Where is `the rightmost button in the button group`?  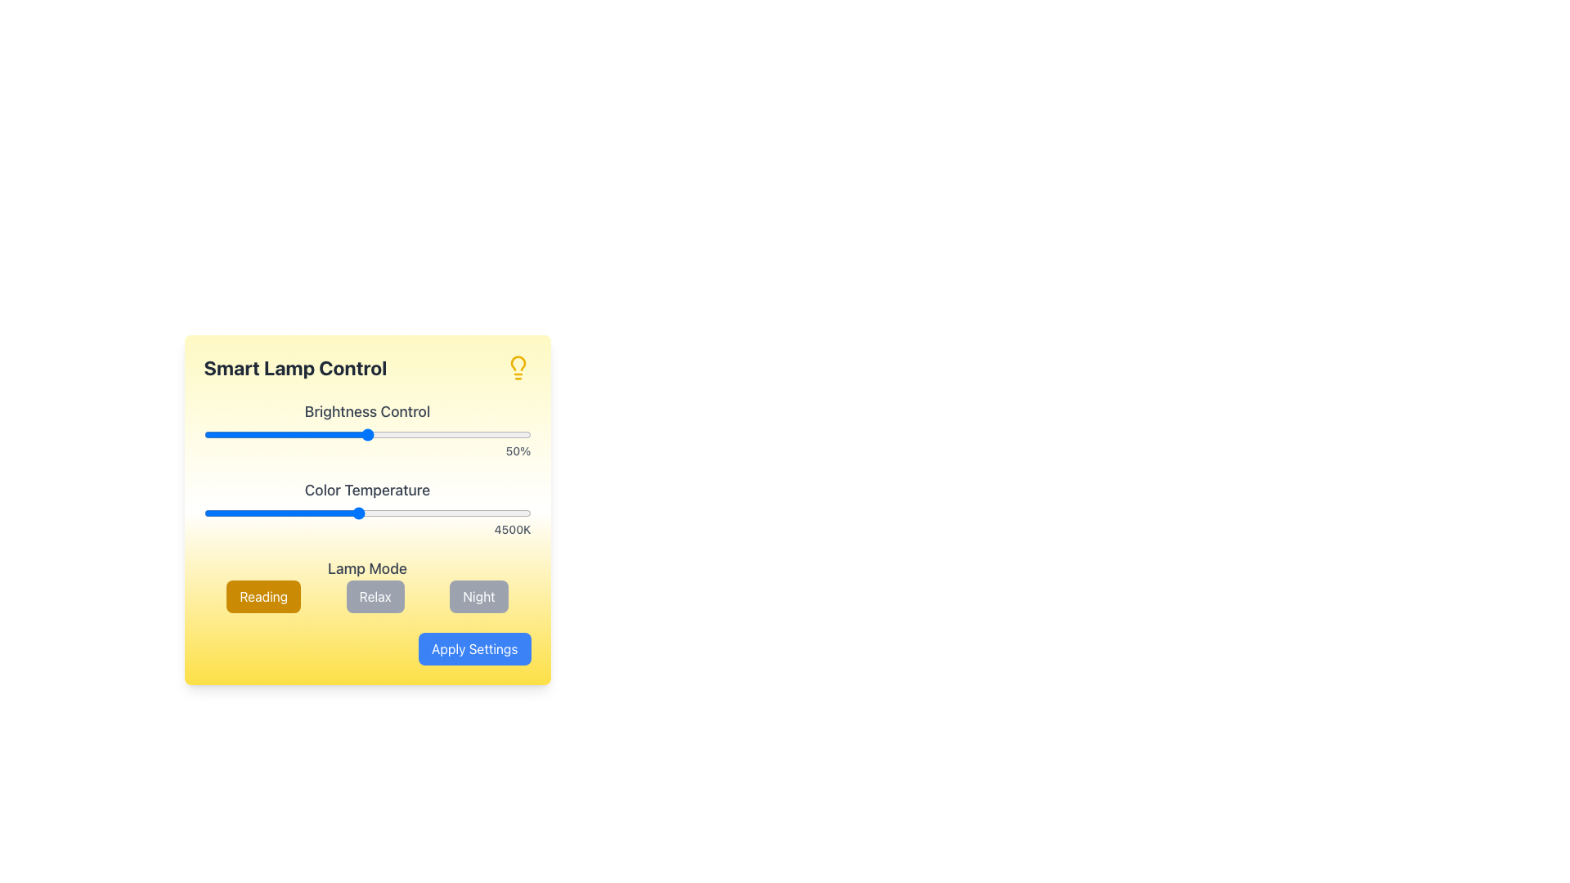 the rightmost button in the button group is located at coordinates (478, 596).